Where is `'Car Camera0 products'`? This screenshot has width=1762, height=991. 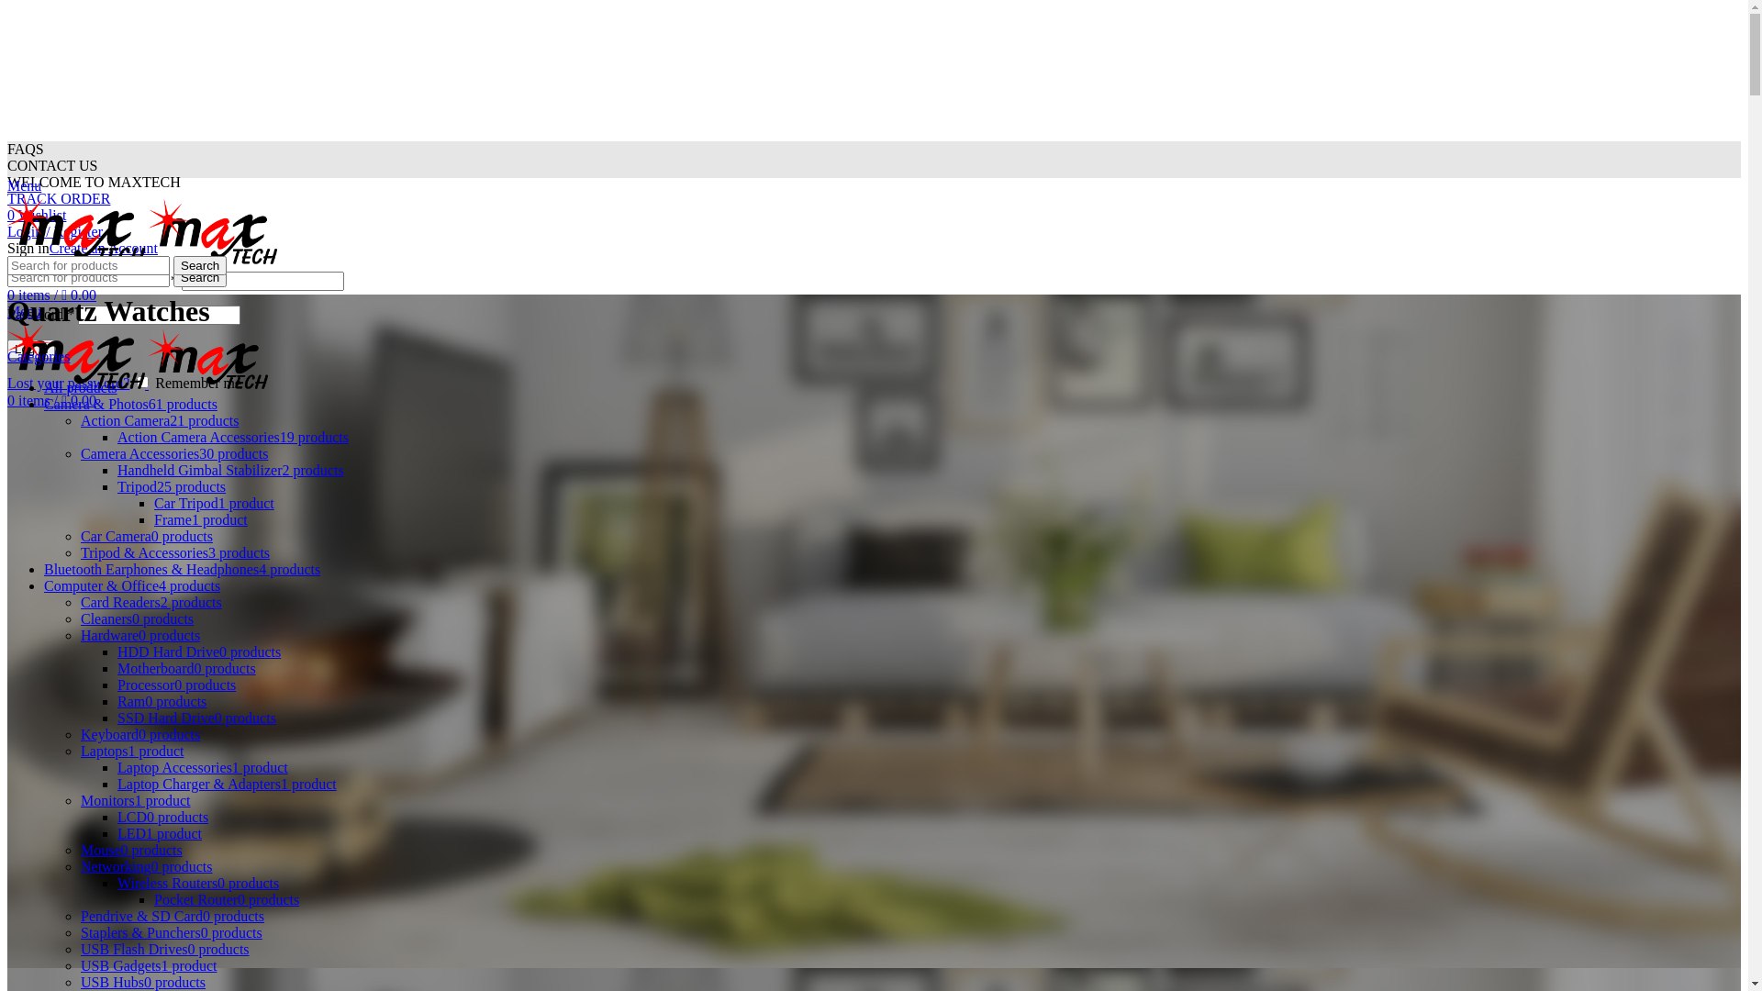 'Car Camera0 products' is located at coordinates (145, 536).